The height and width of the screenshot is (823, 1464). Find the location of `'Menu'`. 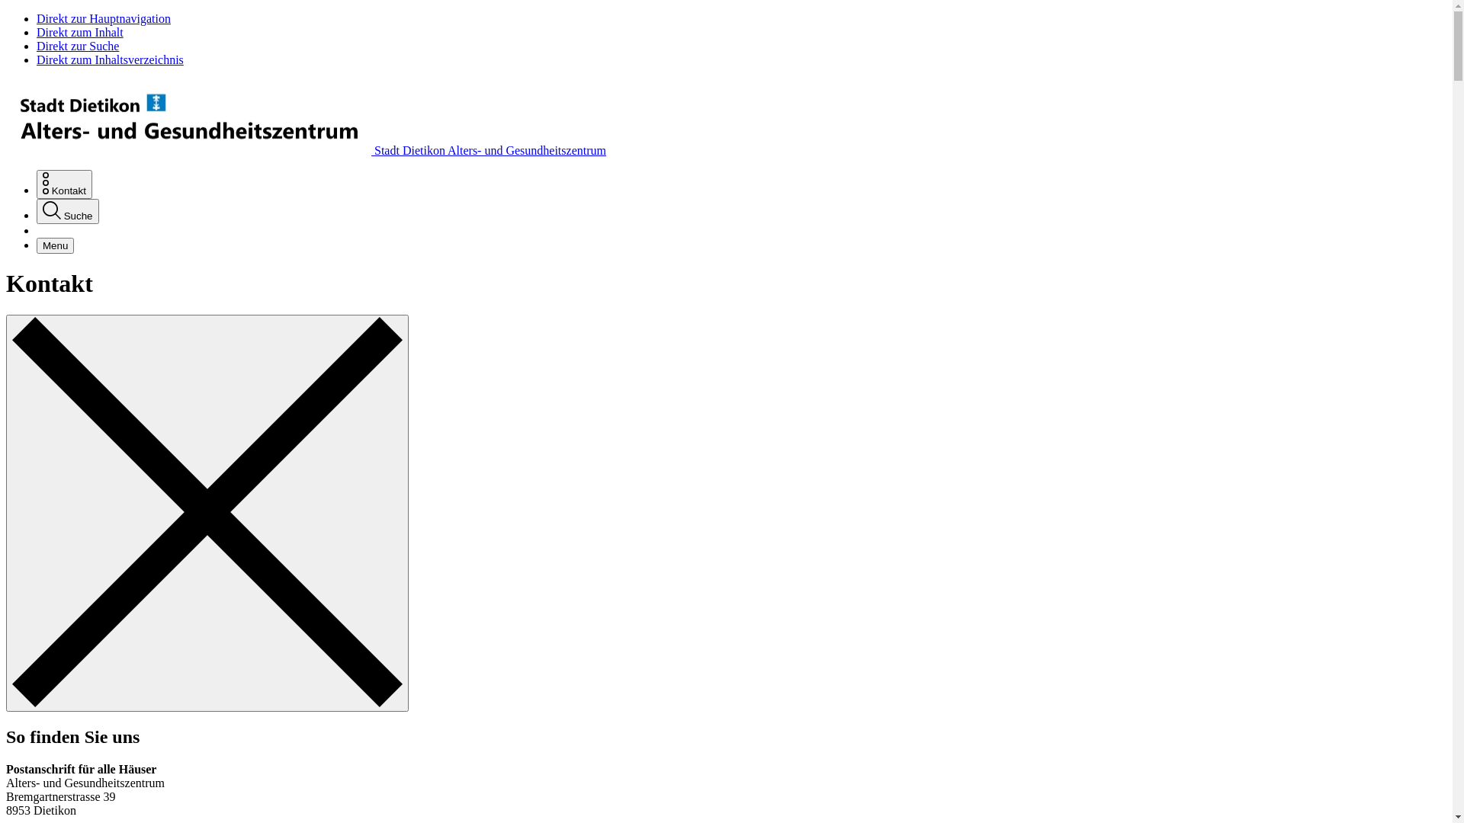

'Menu' is located at coordinates (55, 245).